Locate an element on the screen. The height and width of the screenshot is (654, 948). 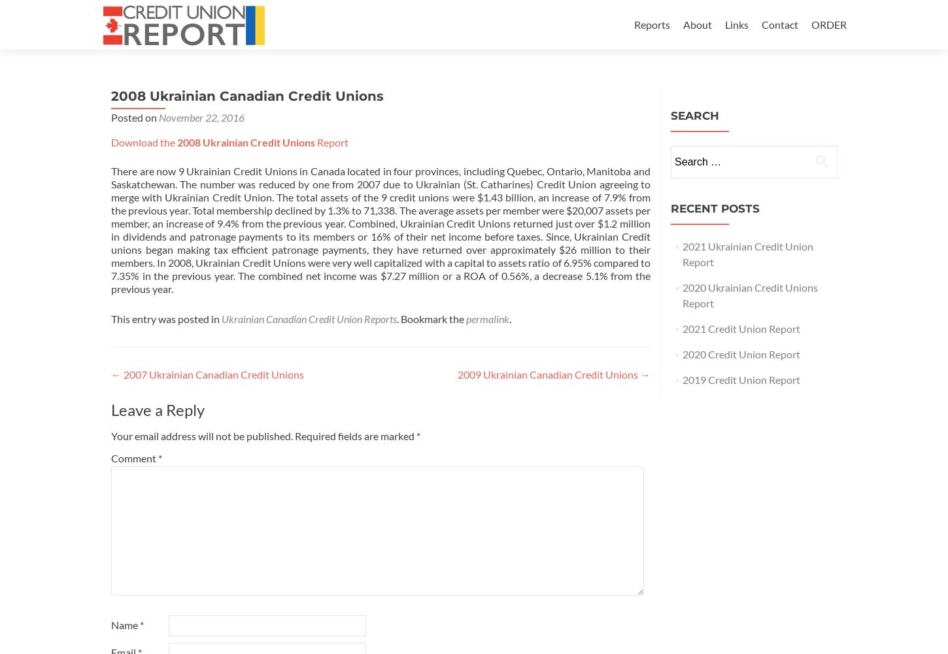
'November 22, 2016' is located at coordinates (201, 117).